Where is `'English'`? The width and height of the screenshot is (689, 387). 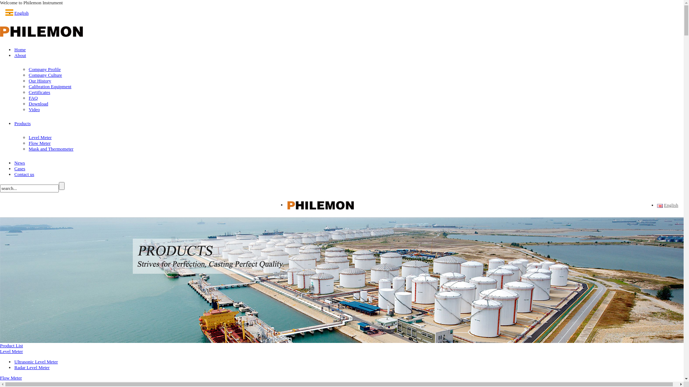 'English' is located at coordinates (660, 205).